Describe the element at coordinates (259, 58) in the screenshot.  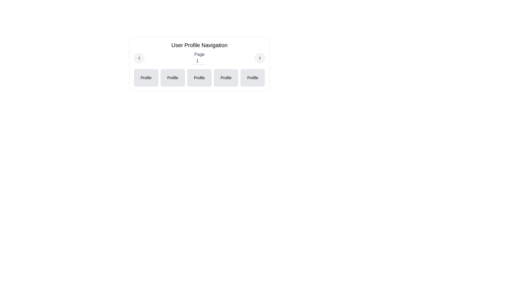
I see `the Chevron Right icon, which is located inside a circular button at the right edge of the navigation section` at that location.